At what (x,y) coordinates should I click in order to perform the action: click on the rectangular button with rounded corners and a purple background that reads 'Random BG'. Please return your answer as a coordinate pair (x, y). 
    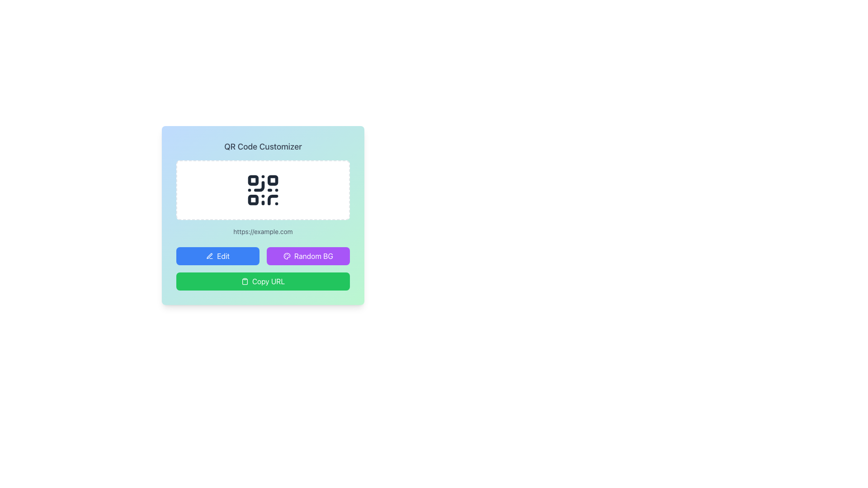
    Looking at the image, I should click on (308, 256).